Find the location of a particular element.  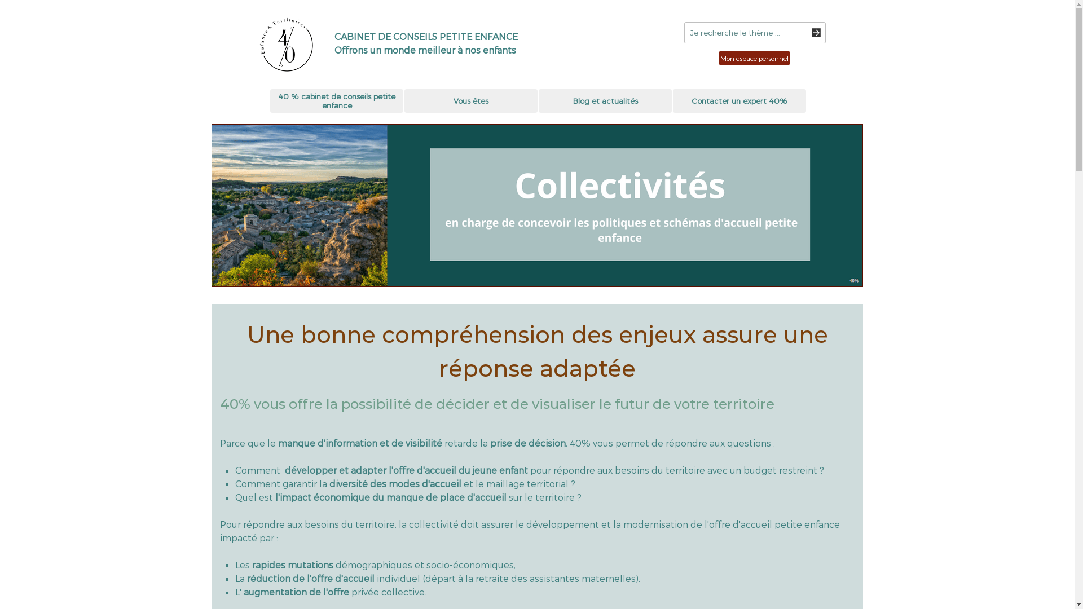

'Logo SAS  quanante pour cent' is located at coordinates (286, 44).